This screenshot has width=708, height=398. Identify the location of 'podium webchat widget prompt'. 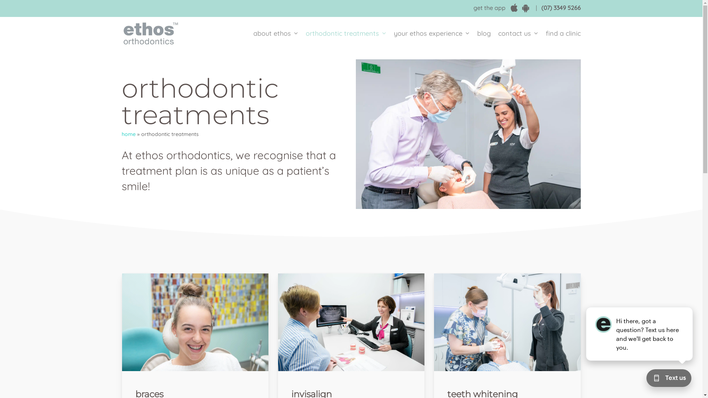
(639, 334).